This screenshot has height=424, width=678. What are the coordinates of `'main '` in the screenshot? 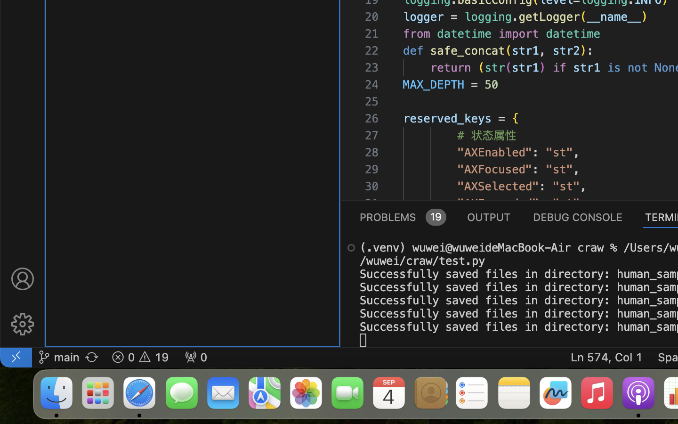 It's located at (58, 356).